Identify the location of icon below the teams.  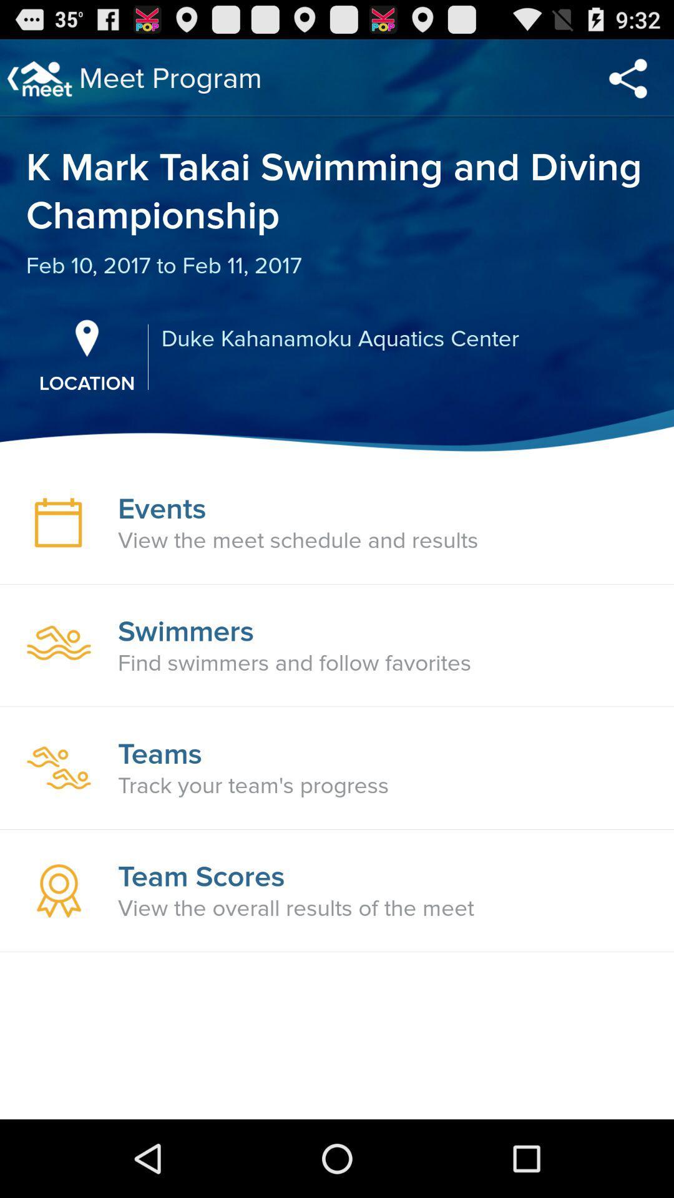
(253, 785).